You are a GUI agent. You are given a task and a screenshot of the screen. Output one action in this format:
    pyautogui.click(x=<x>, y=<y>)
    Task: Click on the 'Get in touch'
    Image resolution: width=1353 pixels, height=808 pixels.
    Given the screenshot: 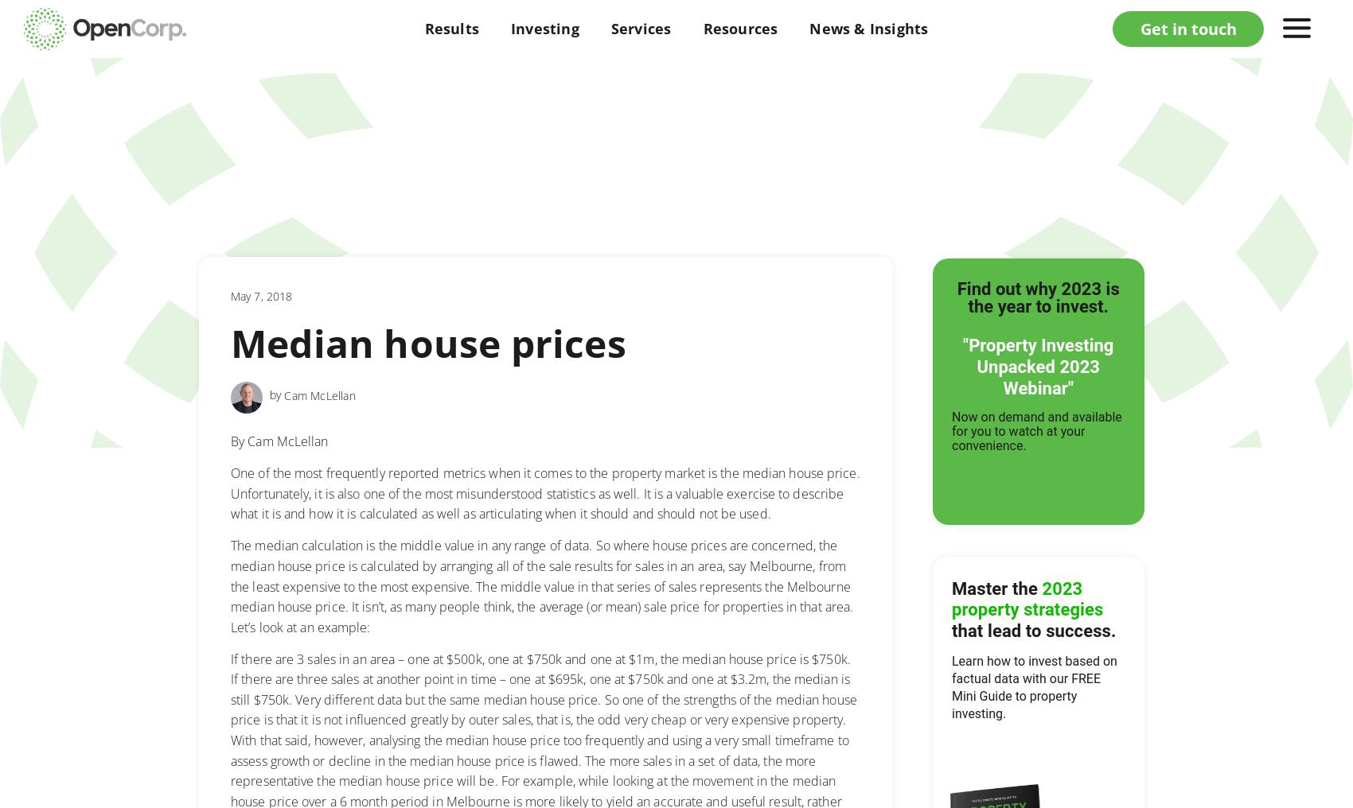 What is the action you would take?
    pyautogui.click(x=1187, y=27)
    